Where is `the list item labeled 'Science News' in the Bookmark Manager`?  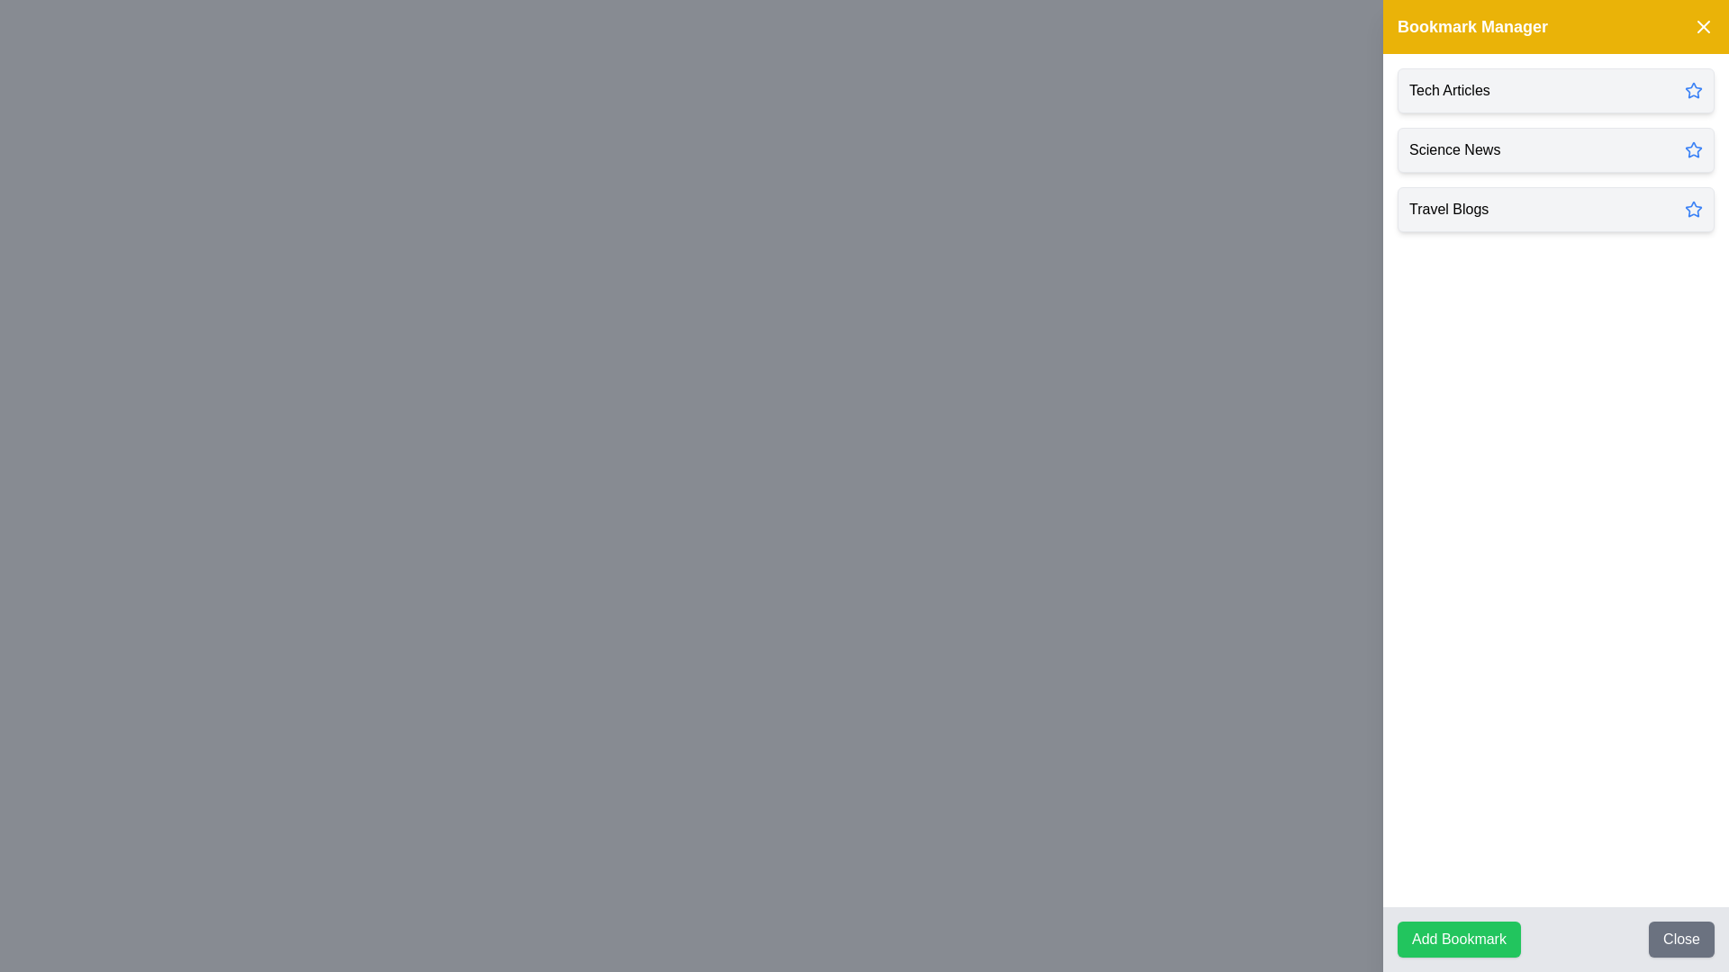 the list item labeled 'Science News' in the Bookmark Manager is located at coordinates (1555, 148).